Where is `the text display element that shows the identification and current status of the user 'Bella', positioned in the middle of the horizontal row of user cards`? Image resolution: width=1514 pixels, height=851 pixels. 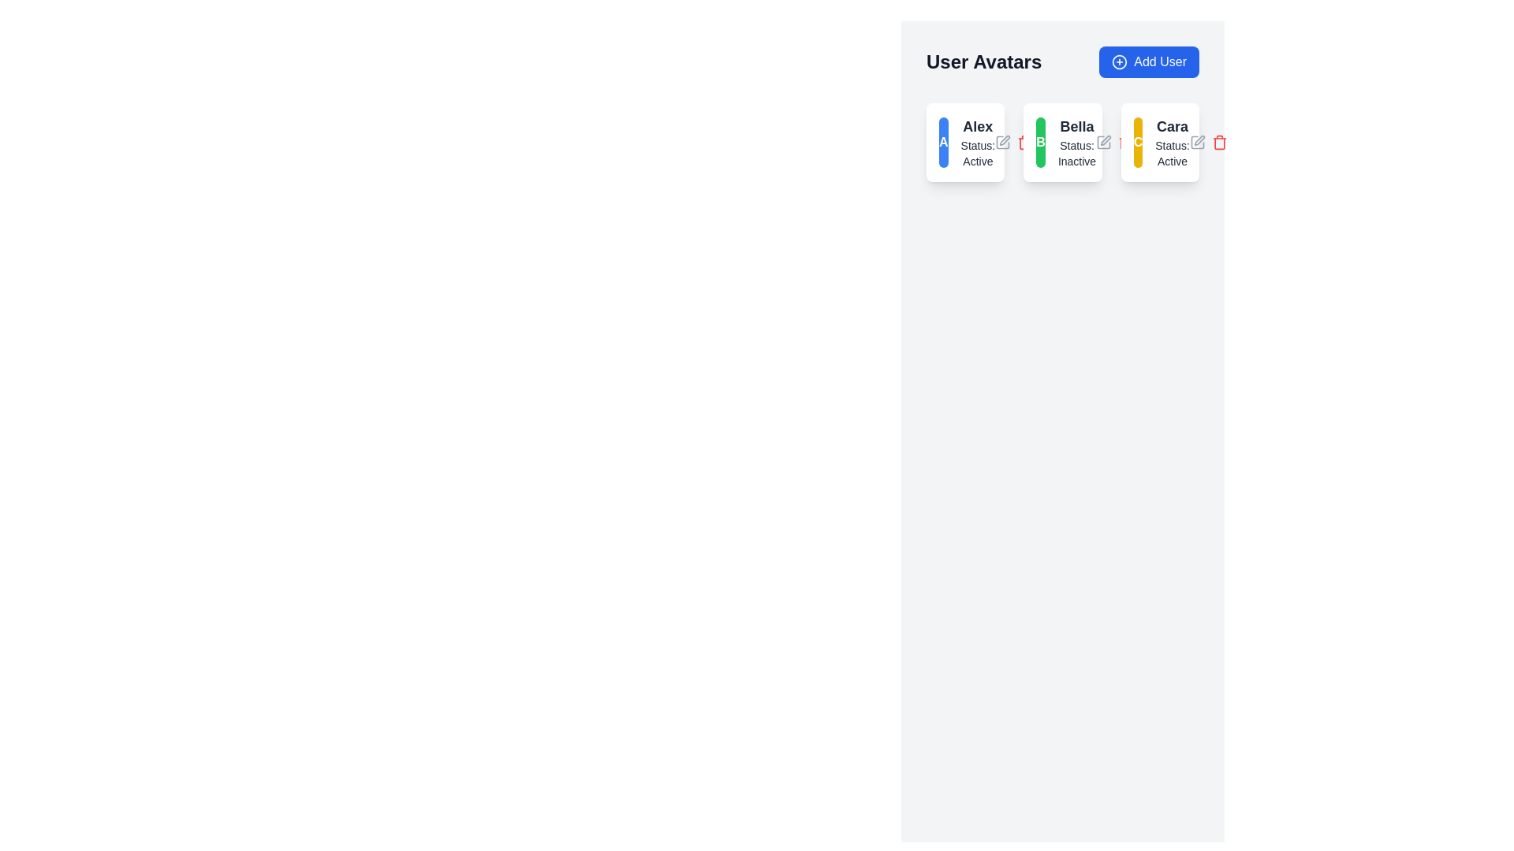
the text display element that shows the identification and current status of the user 'Bella', positioned in the middle of the horizontal row of user cards is located at coordinates (1076, 143).